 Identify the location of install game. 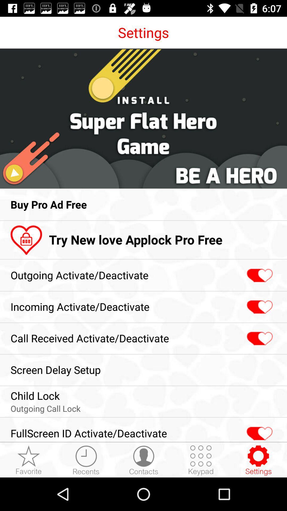
(143, 118).